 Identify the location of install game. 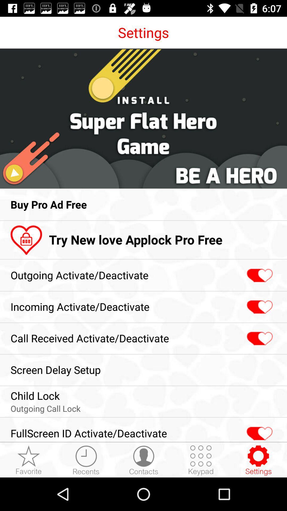
(143, 118).